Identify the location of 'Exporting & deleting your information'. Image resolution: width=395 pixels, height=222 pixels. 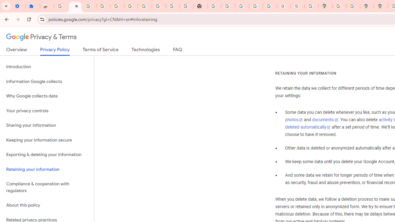
(47, 154).